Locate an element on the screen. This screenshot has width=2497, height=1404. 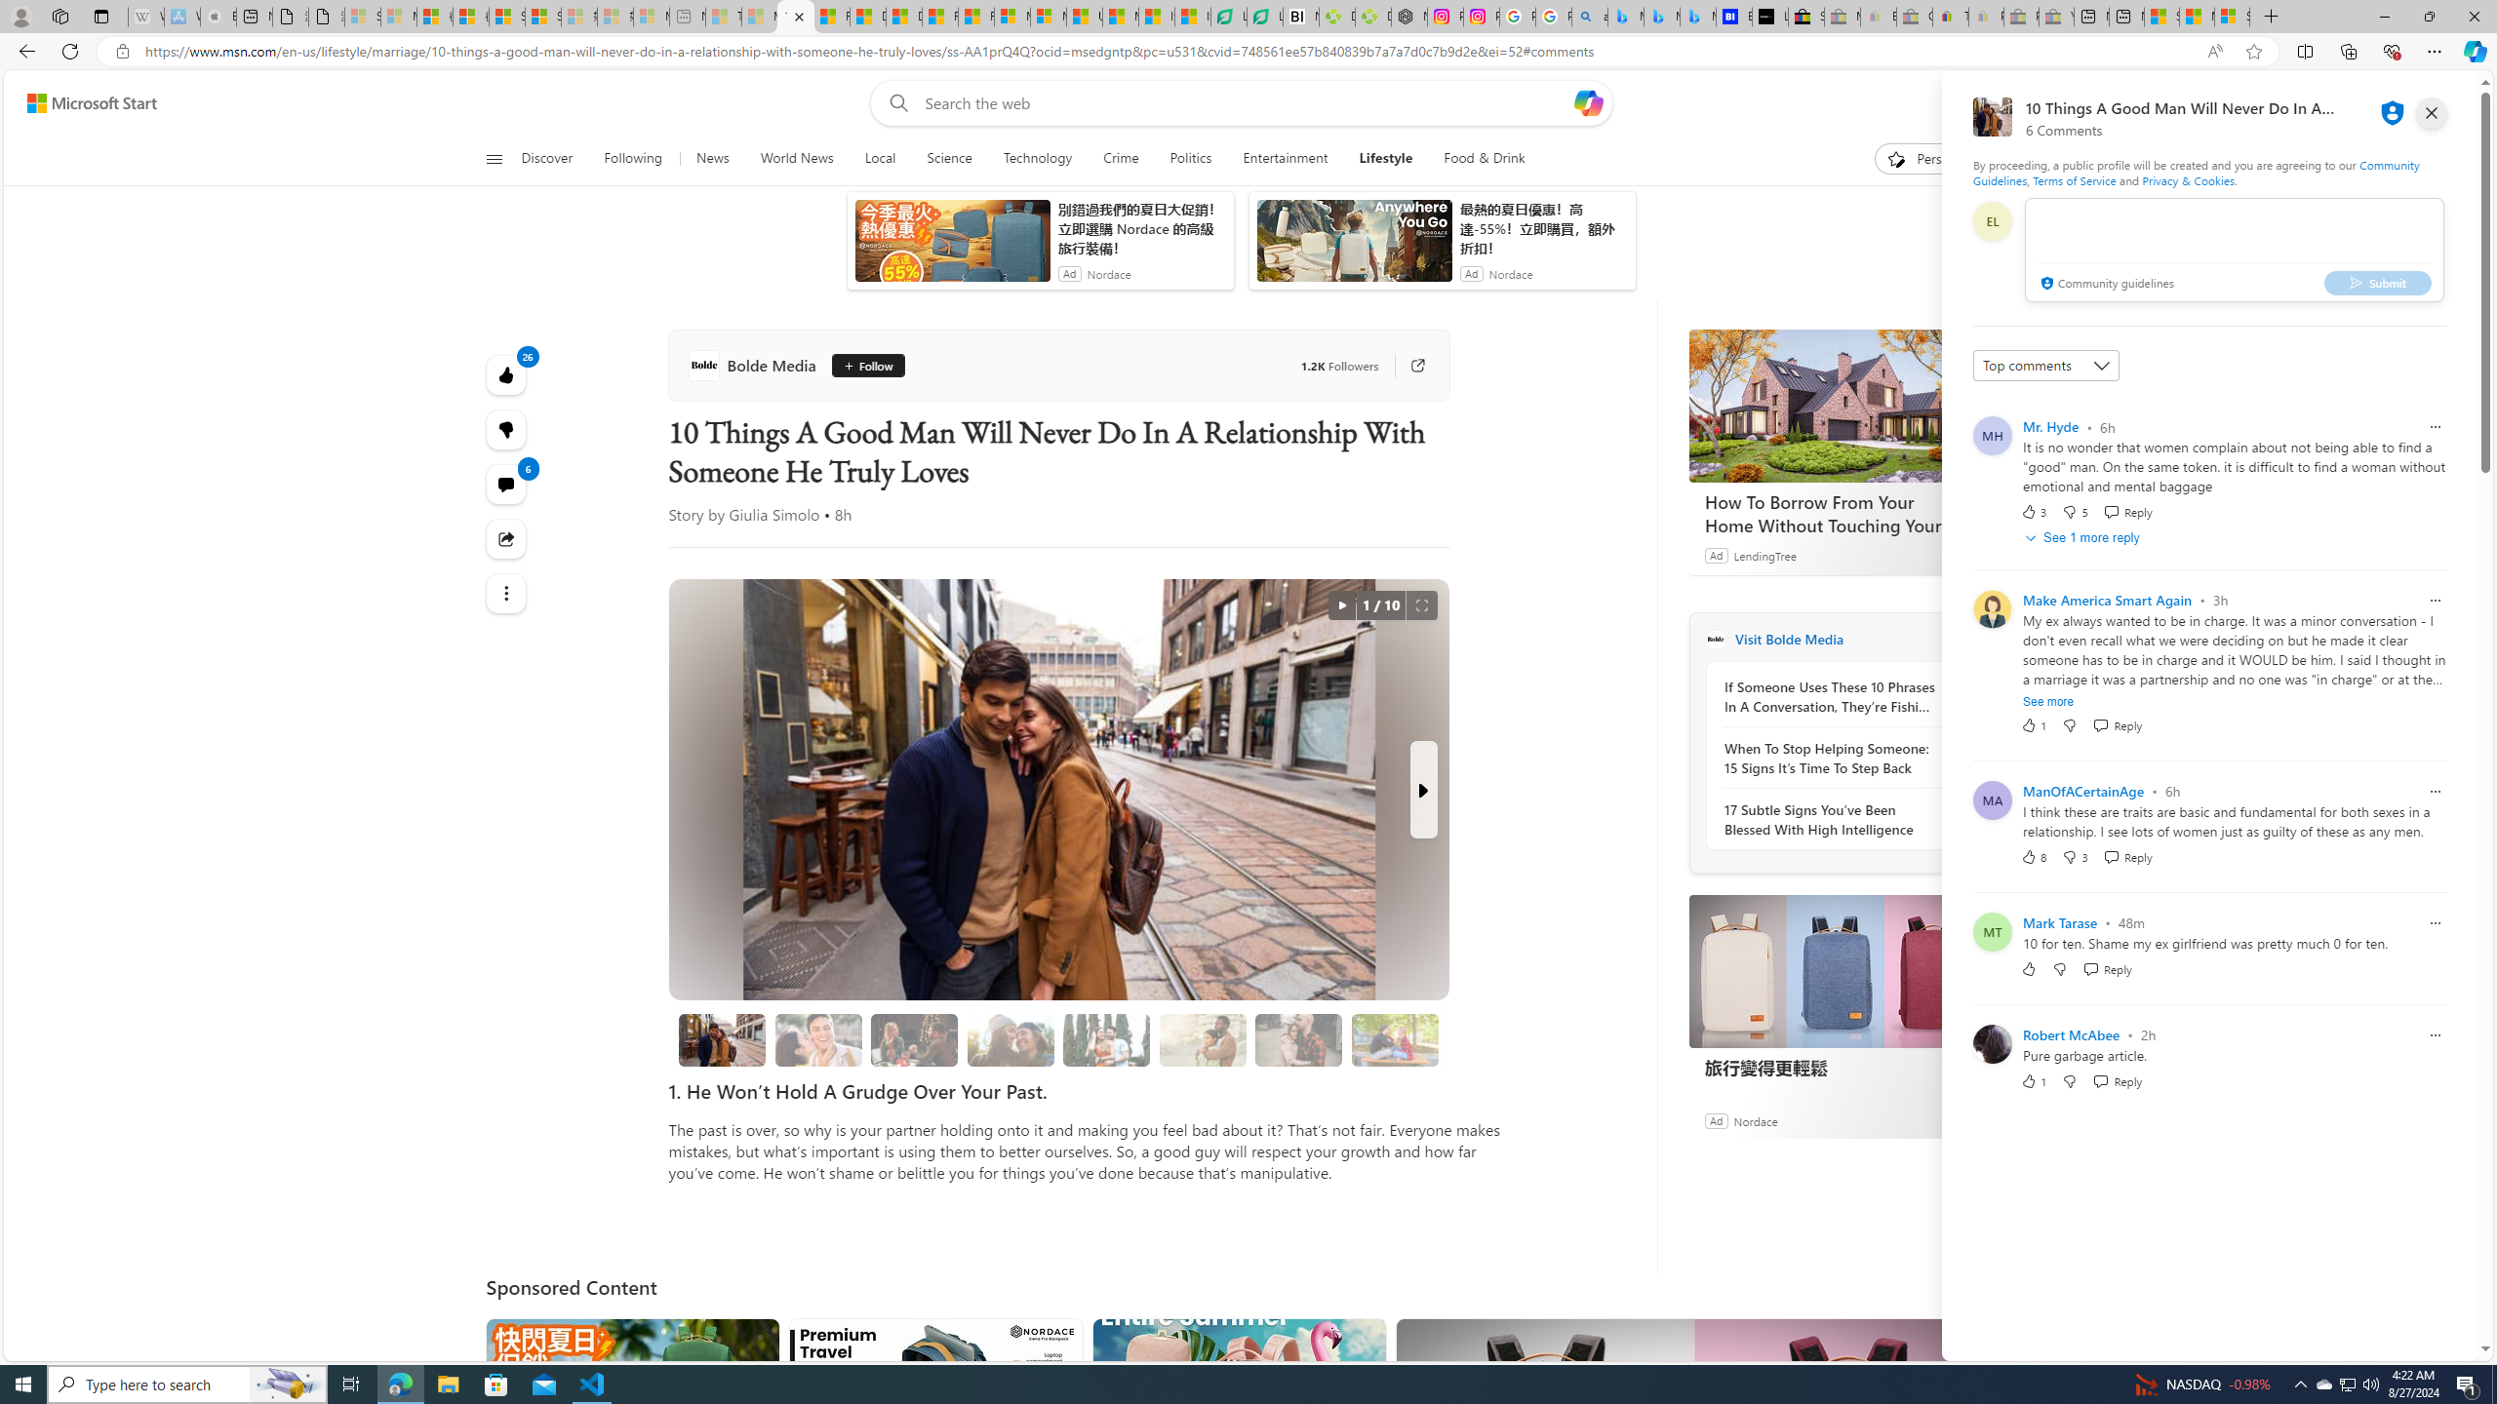
'Nordace' is located at coordinates (1754, 1119).